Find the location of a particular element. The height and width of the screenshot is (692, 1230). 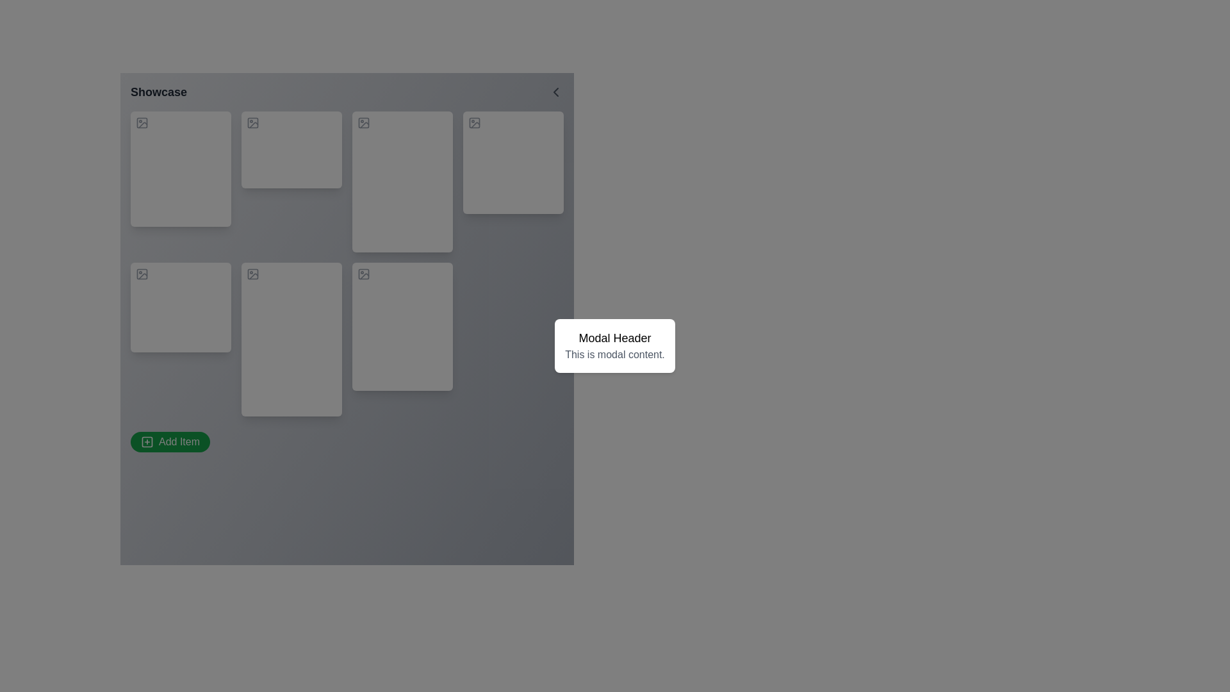

the decorative UI element, a small gray rounded rectangle located in the top-left corner of the tile in the second row of the grid in the 'Showcase' section is located at coordinates (142, 274).